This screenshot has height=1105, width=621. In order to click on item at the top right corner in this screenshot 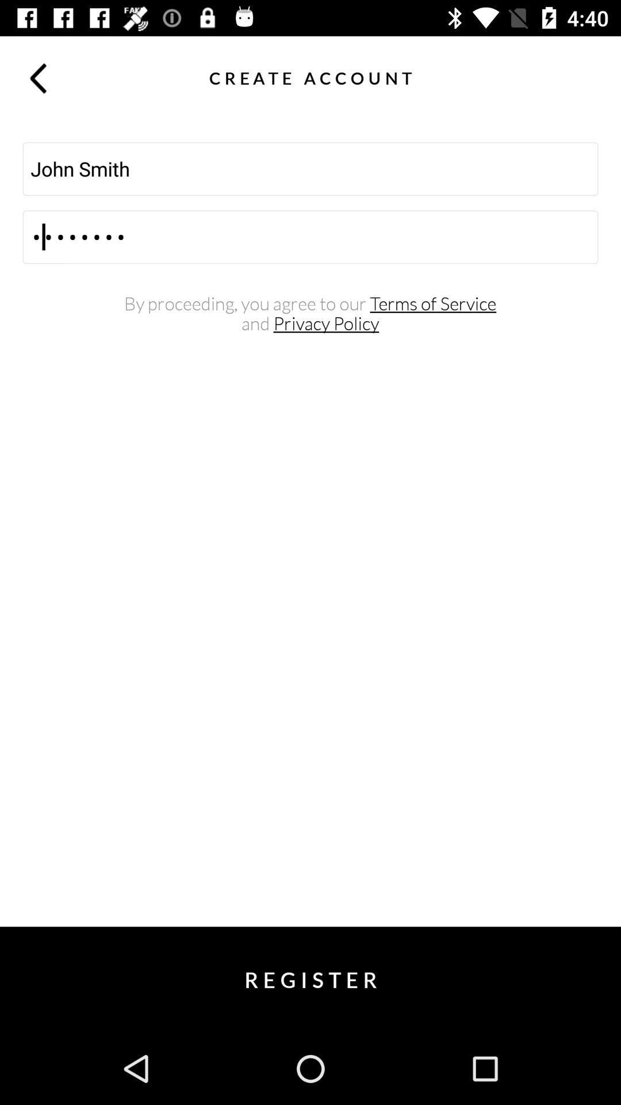, I will do `click(583, 77)`.